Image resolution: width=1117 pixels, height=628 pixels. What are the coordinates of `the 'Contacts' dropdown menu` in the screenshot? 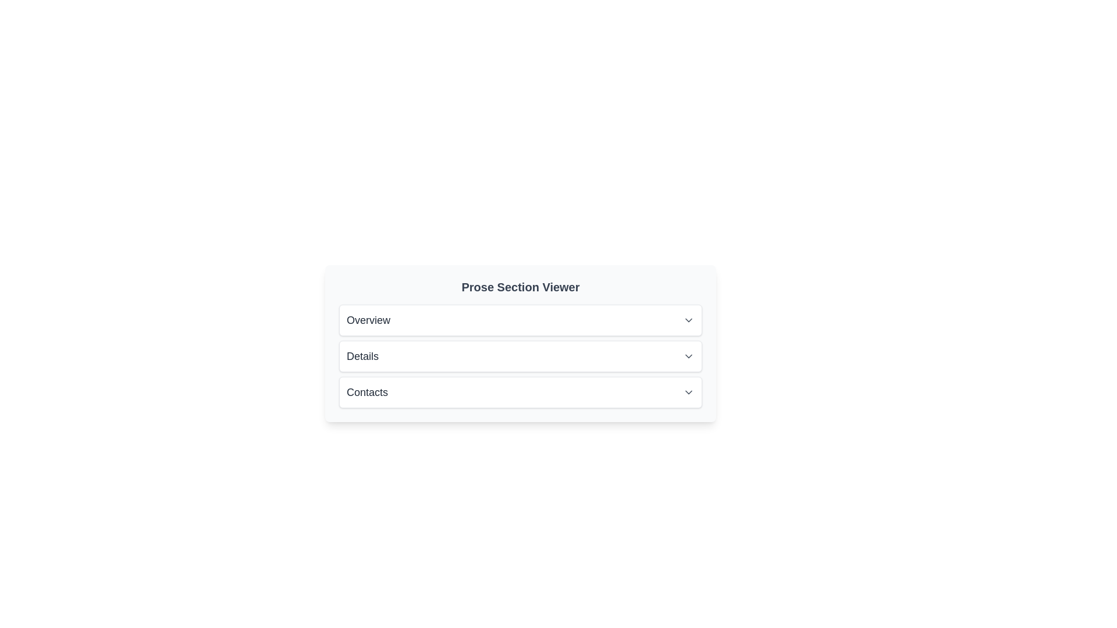 It's located at (520, 392).